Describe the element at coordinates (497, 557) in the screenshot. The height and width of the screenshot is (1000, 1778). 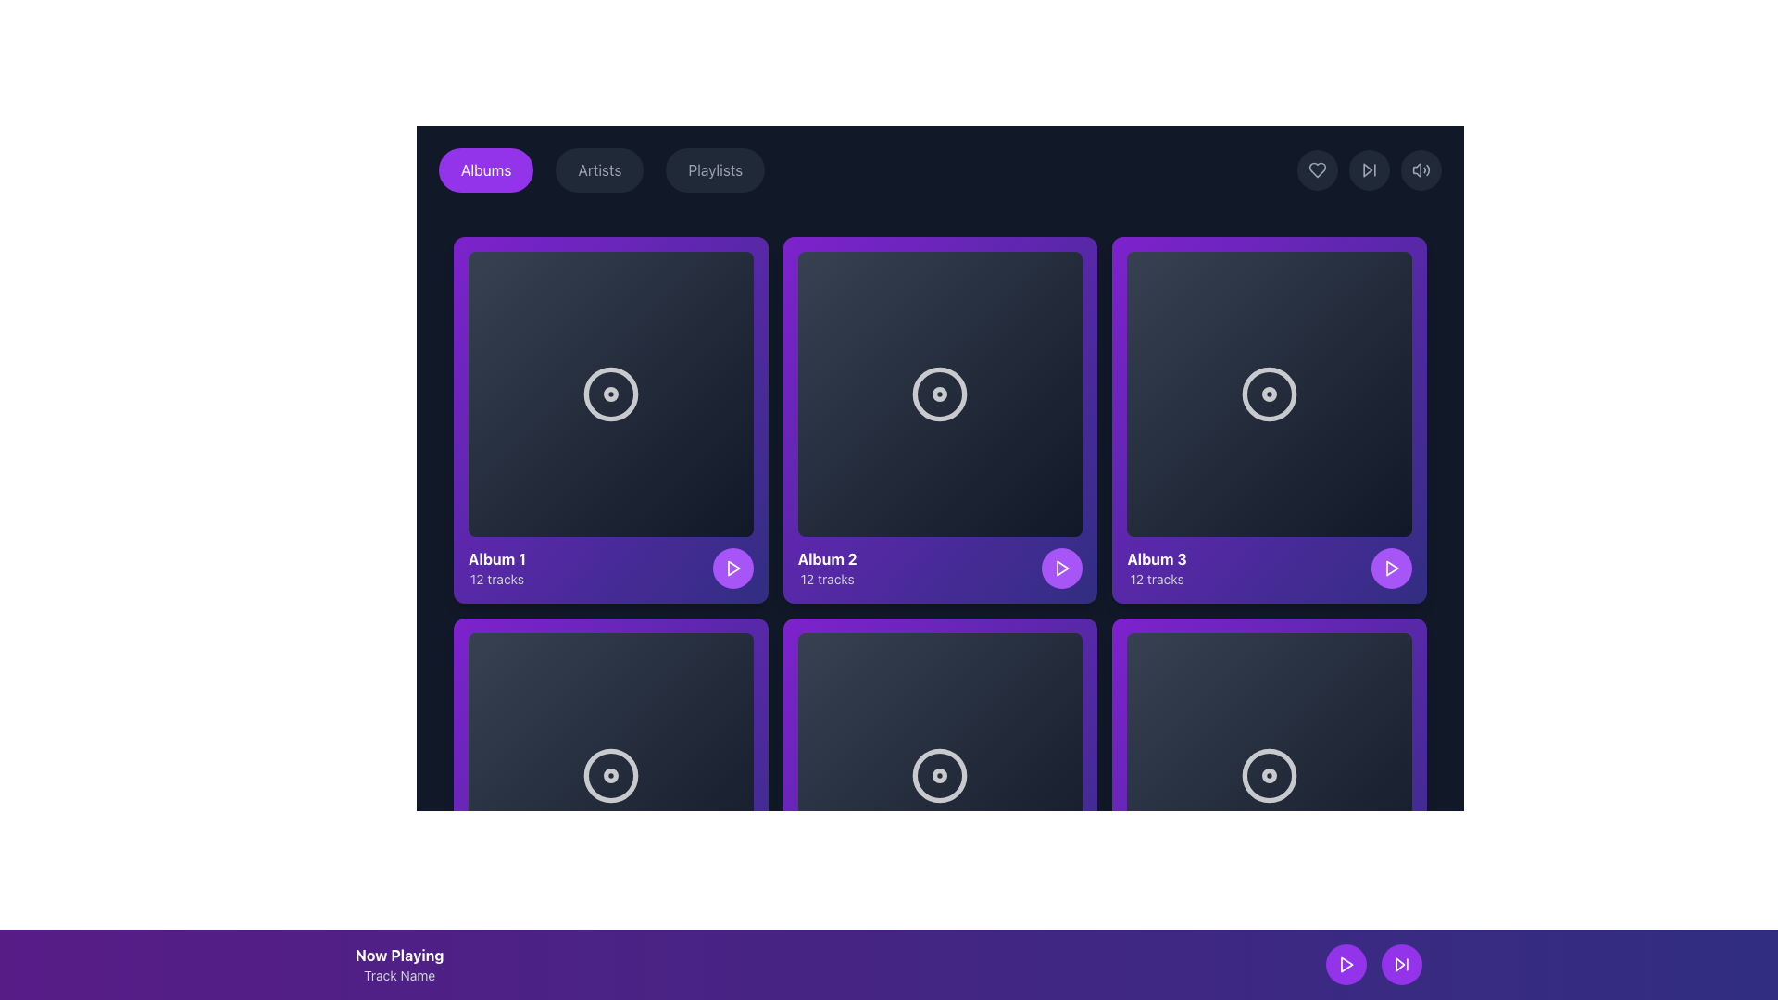
I see `text label displaying 'Album 1' which is styled with bold white text on a purple background, located in the lower-left portion of the interface within the first cell of the grid layout of album items` at that location.